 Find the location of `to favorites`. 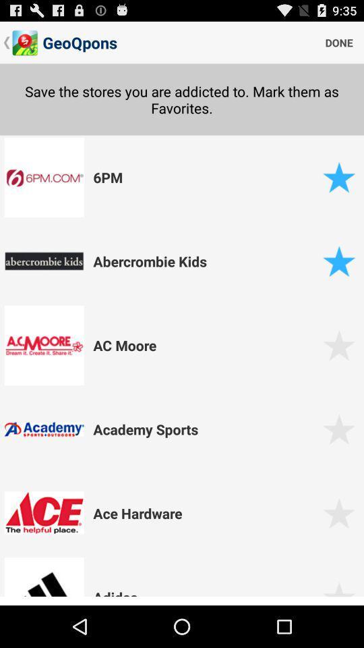

to favorites is located at coordinates (338, 344).